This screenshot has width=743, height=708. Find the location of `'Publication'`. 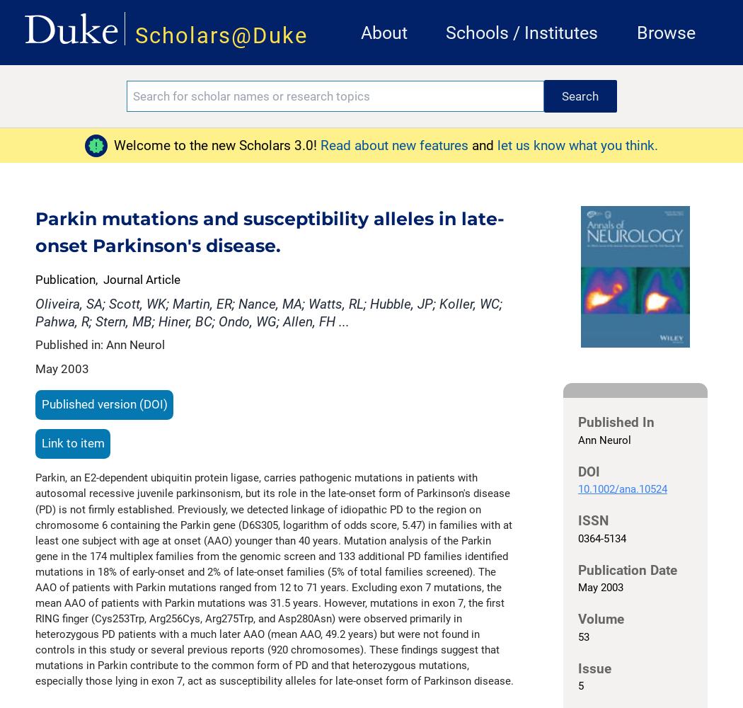

'Publication' is located at coordinates (65, 280).